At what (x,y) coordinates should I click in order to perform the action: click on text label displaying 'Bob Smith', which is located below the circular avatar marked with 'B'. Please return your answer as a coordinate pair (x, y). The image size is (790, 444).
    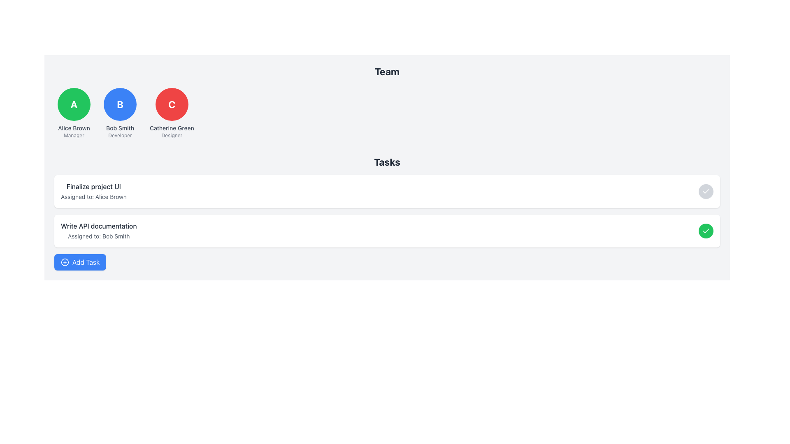
    Looking at the image, I should click on (120, 128).